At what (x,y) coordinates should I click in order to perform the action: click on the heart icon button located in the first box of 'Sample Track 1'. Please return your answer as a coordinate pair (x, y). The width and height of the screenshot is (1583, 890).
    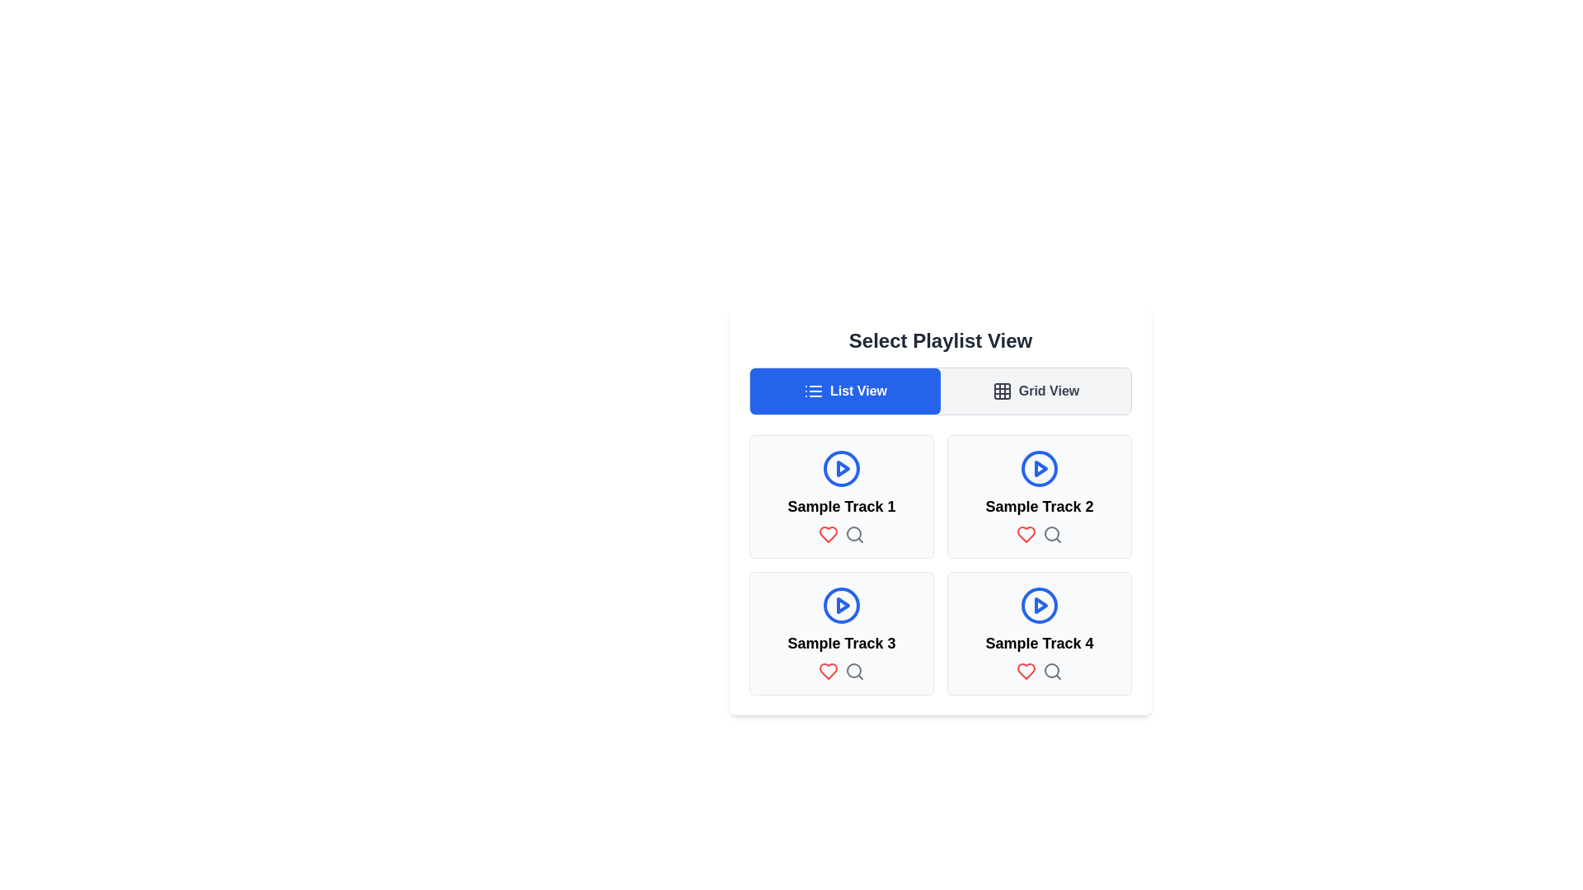
    Looking at the image, I should click on (828, 534).